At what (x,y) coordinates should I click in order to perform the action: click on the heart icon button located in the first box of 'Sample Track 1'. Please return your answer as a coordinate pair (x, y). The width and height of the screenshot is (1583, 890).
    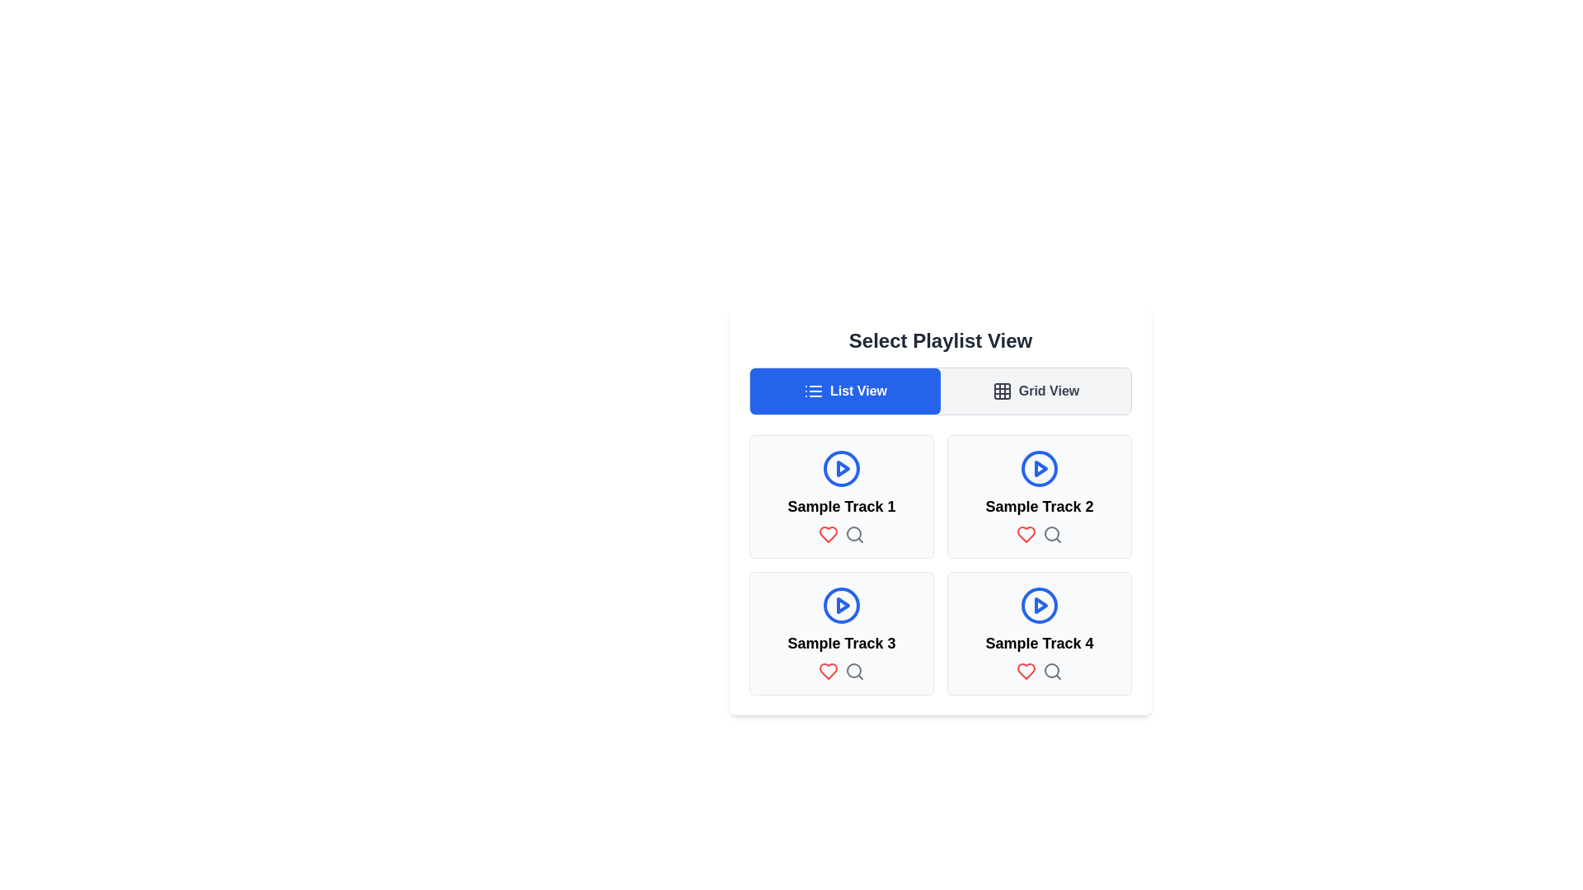
    Looking at the image, I should click on (828, 534).